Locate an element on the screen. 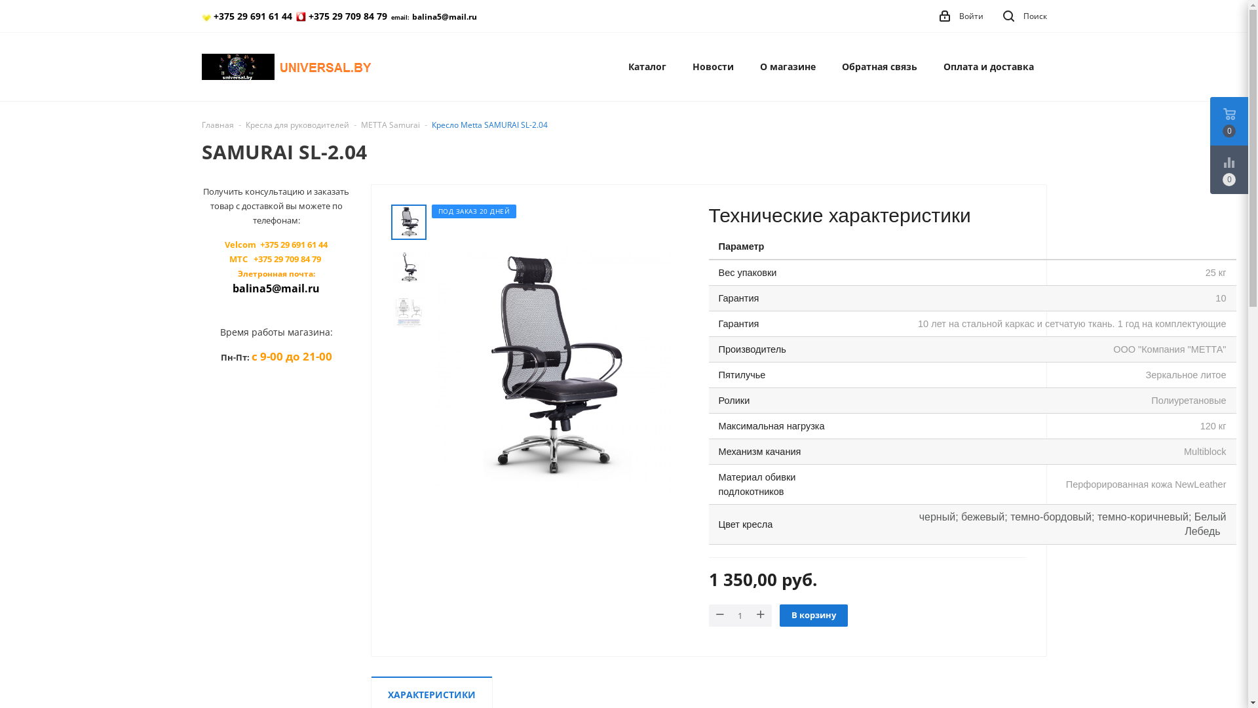  'balina5@mail.ru' is located at coordinates (411, 16).